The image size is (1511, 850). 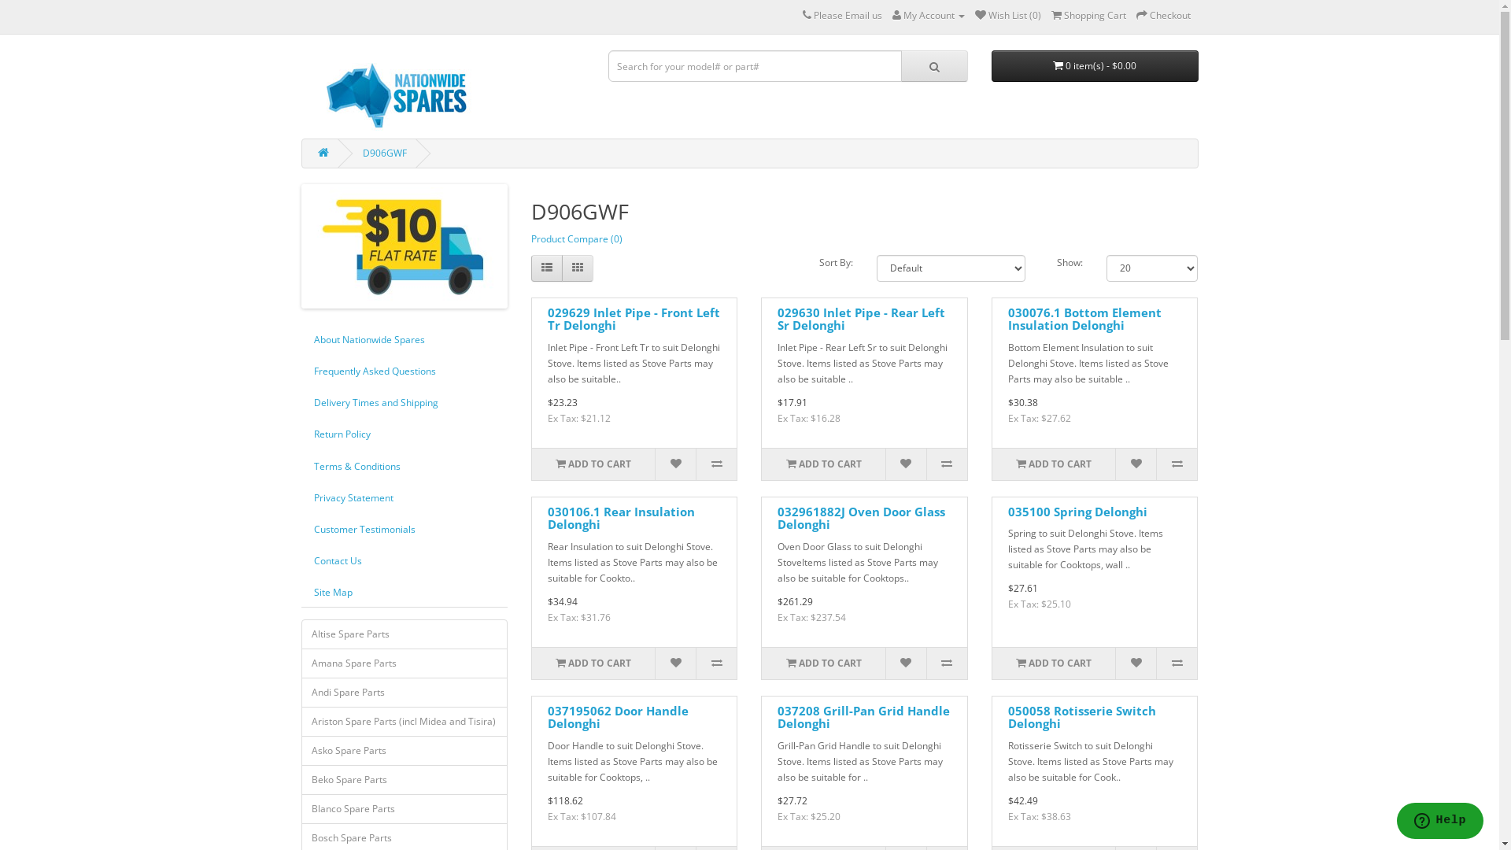 What do you see at coordinates (1163, 15) in the screenshot?
I see `'Checkout'` at bounding box center [1163, 15].